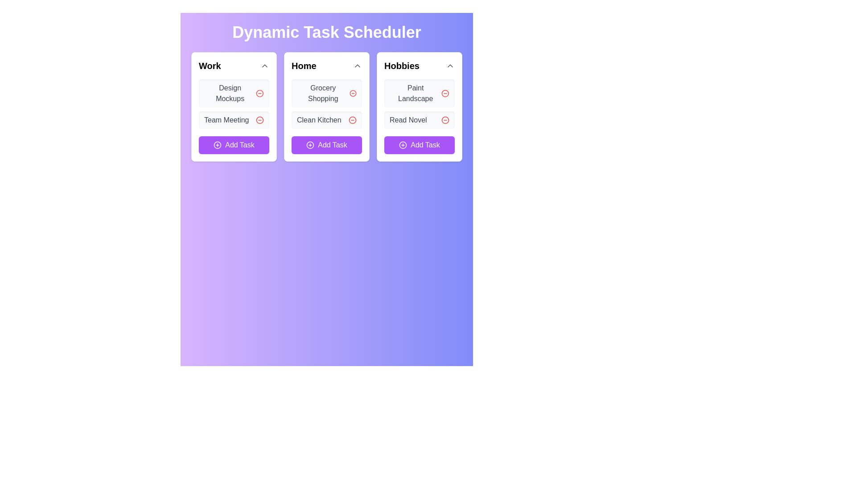 Image resolution: width=856 pixels, height=481 pixels. I want to click on the Circle SVG element that forms the backdrop of the 'Add Task' button's plus symbol located in the 'Hobbies' card, so click(403, 145).